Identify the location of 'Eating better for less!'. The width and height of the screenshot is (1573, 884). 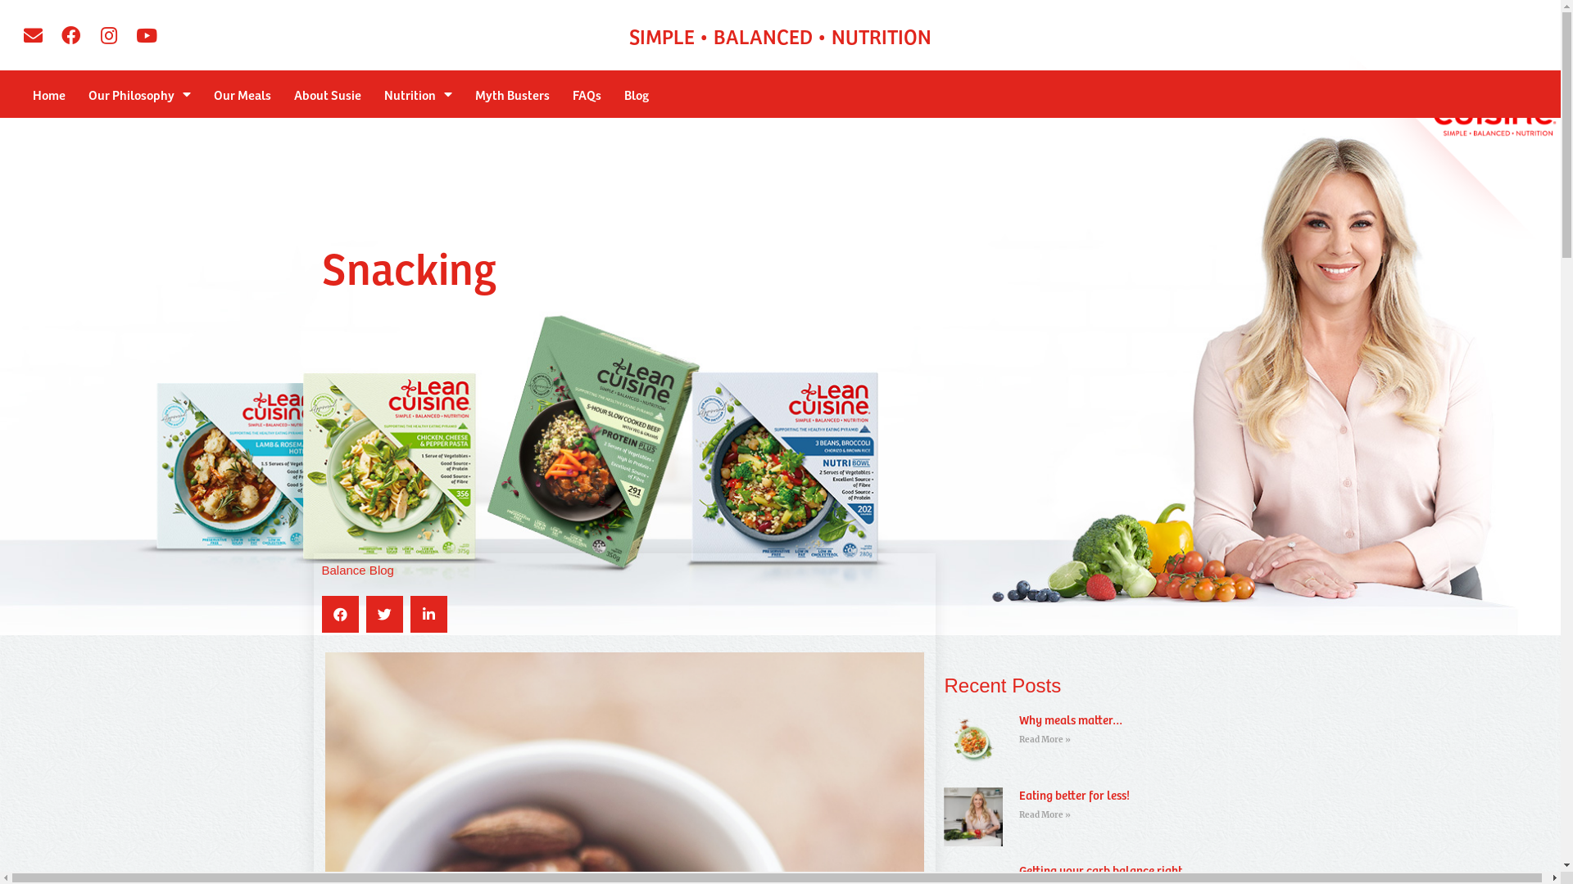
(1074, 794).